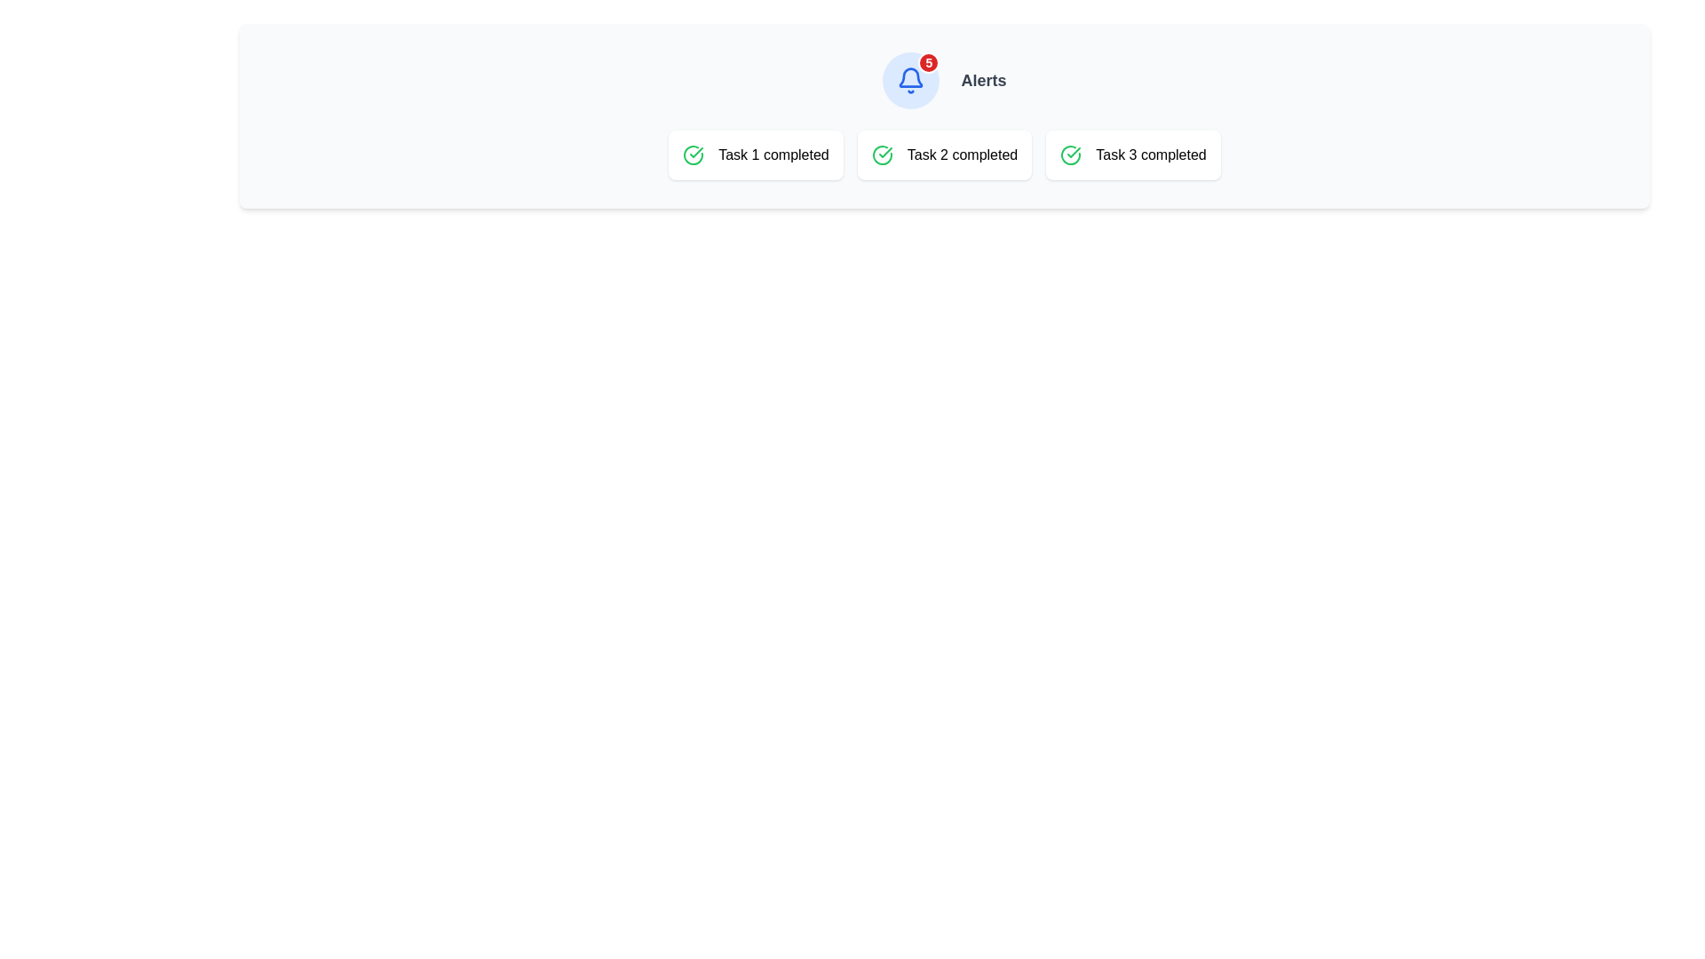  Describe the element at coordinates (928, 61) in the screenshot. I see `the Notification Badge displaying the number '5' with a red background and white text, located at the top-right corner of the bell icon` at that location.